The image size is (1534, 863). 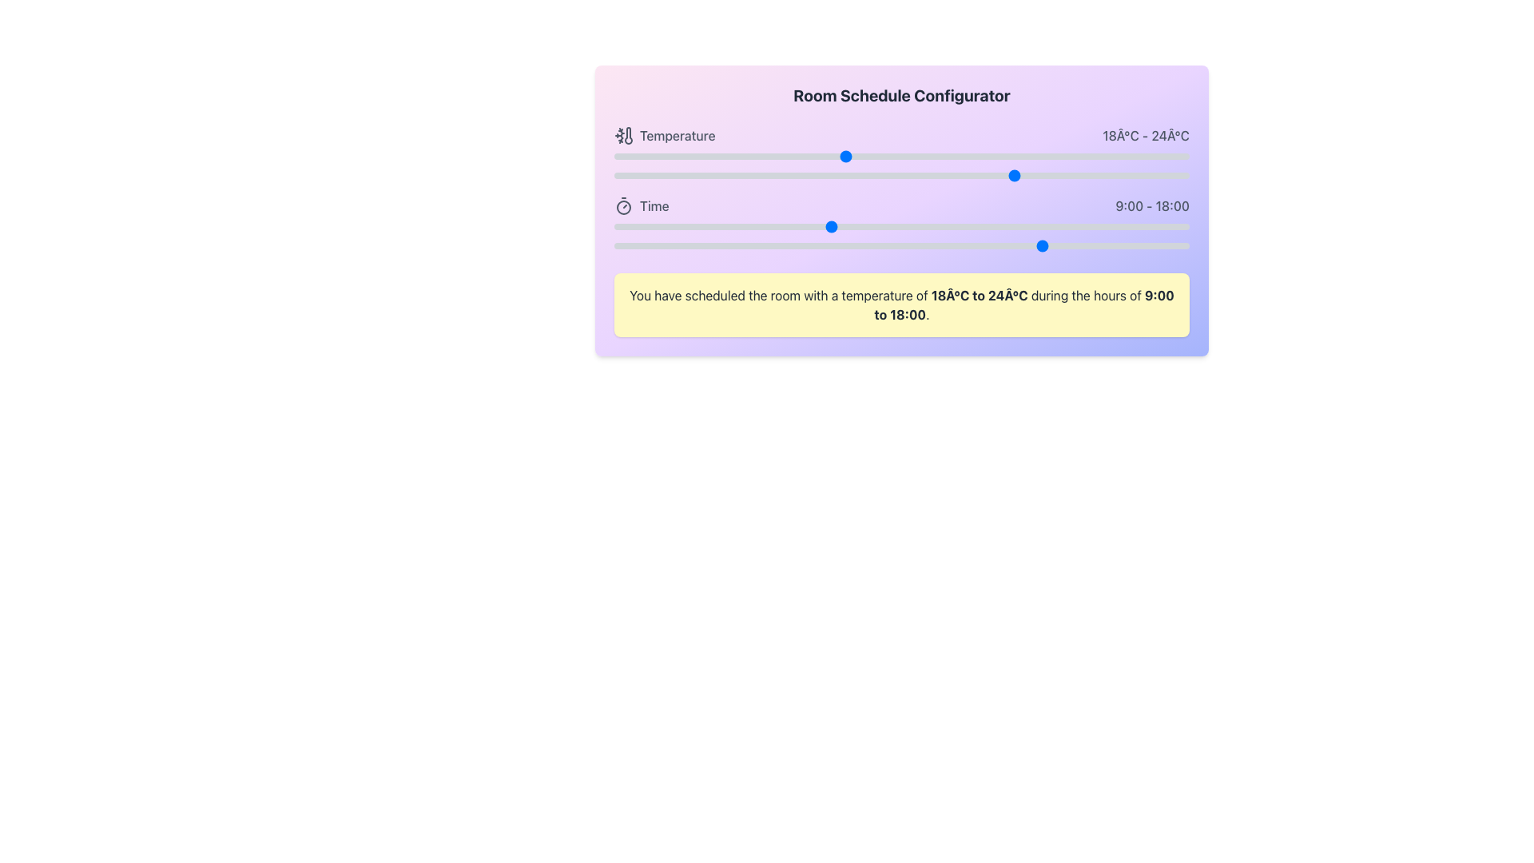 What do you see at coordinates (901, 95) in the screenshot?
I see `the 'Room Schedule Configurator' text label, which is bold and large, located at the top of the card, centered horizontally` at bounding box center [901, 95].